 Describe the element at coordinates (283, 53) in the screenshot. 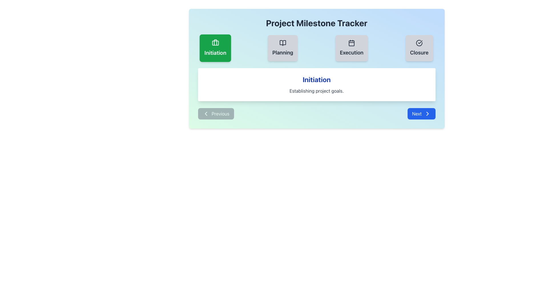

I see `text label displaying the title 'Planning' which indicates the current stage in the milestone tracker` at that location.